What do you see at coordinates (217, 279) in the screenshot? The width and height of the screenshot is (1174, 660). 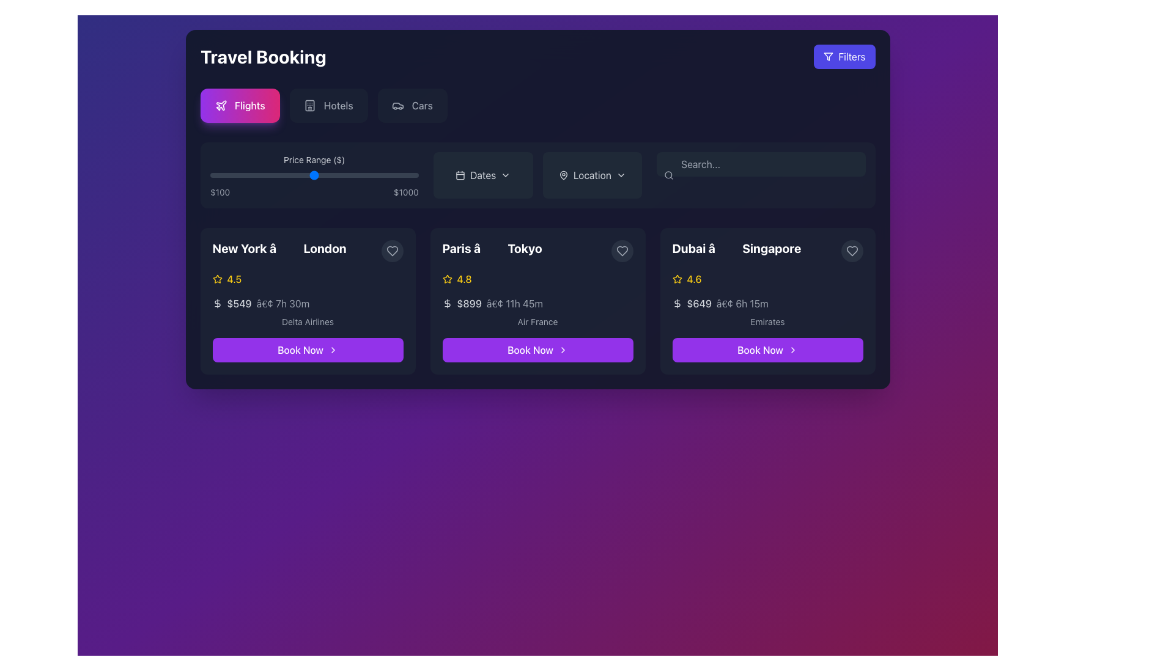 I see `the rating icon representing the travel option from New York to London, positioned to the left of the '4.5' rating text` at bounding box center [217, 279].